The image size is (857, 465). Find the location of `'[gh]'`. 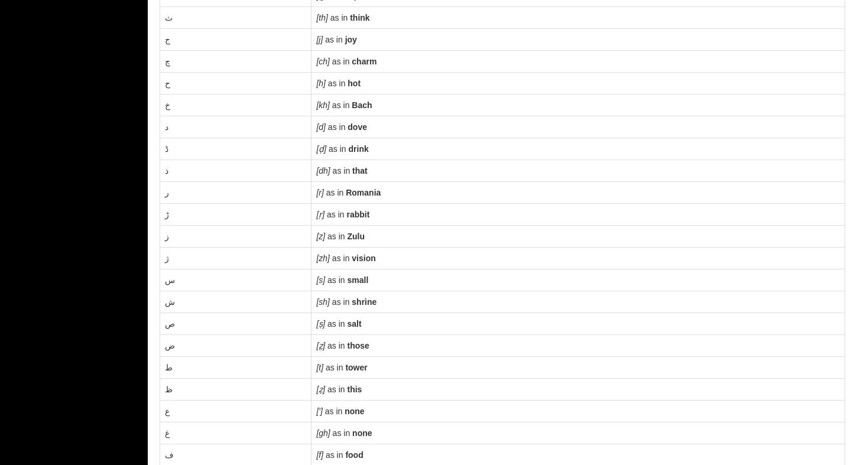

'[gh]' is located at coordinates (323, 433).